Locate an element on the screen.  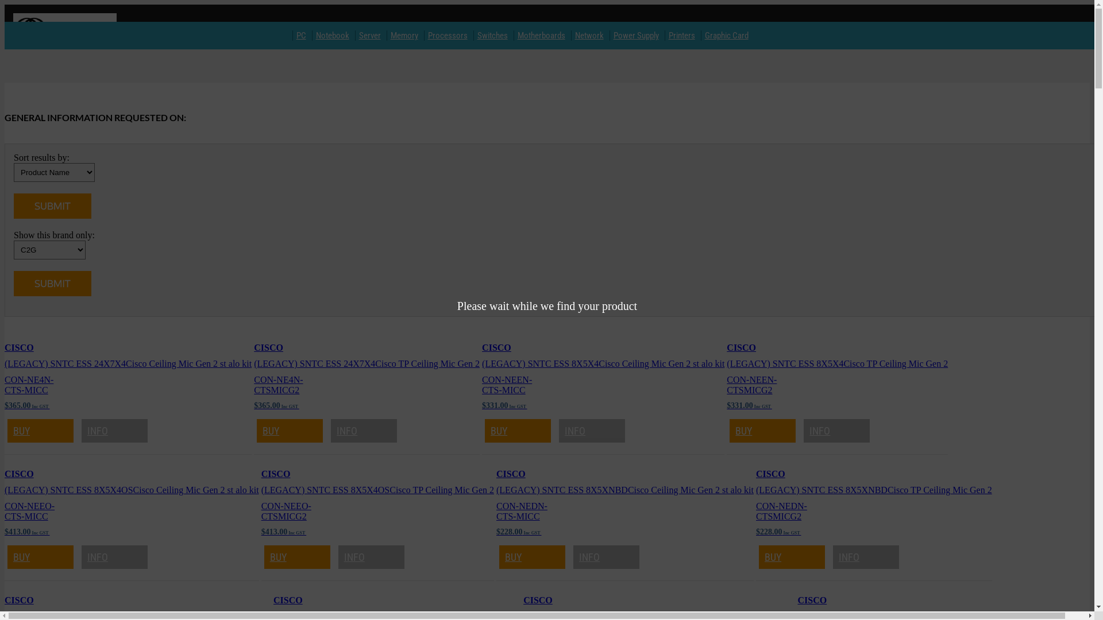
'Processors' is located at coordinates (424, 34).